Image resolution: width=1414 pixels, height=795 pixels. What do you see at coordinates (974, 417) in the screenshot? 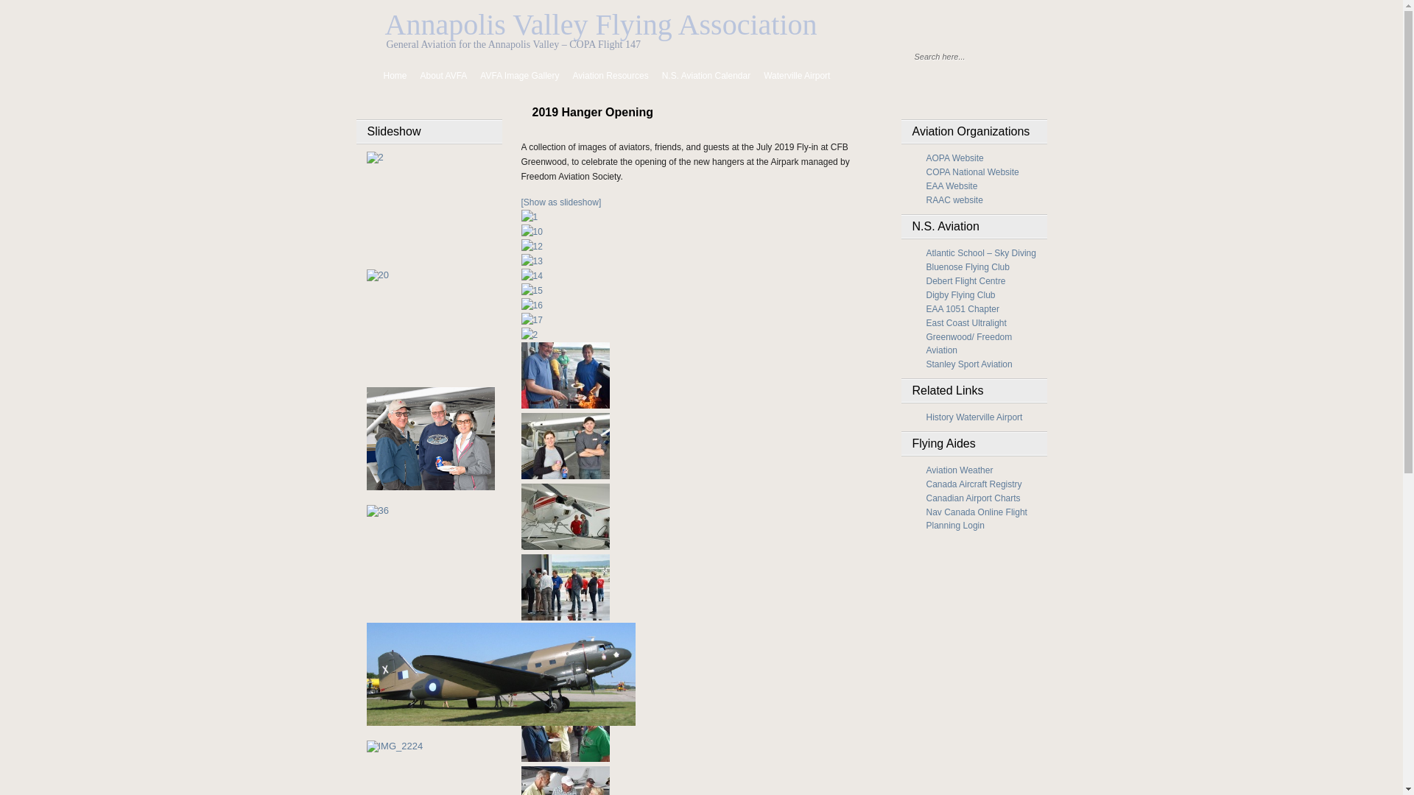
I see `'History Waterville Airport'` at bounding box center [974, 417].